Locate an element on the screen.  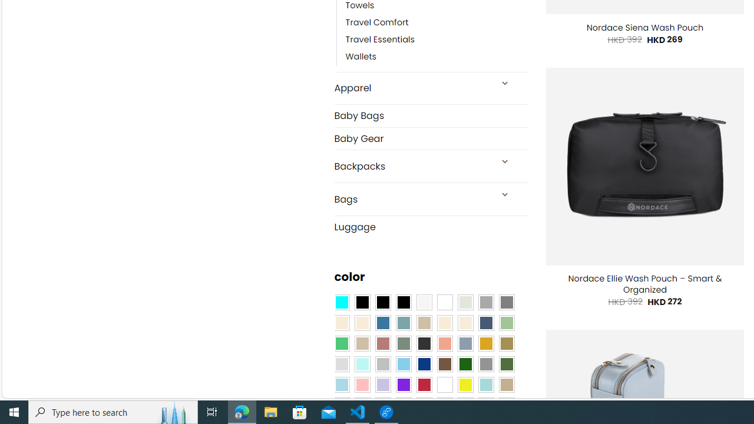
'Light Purple' is located at coordinates (383, 385).